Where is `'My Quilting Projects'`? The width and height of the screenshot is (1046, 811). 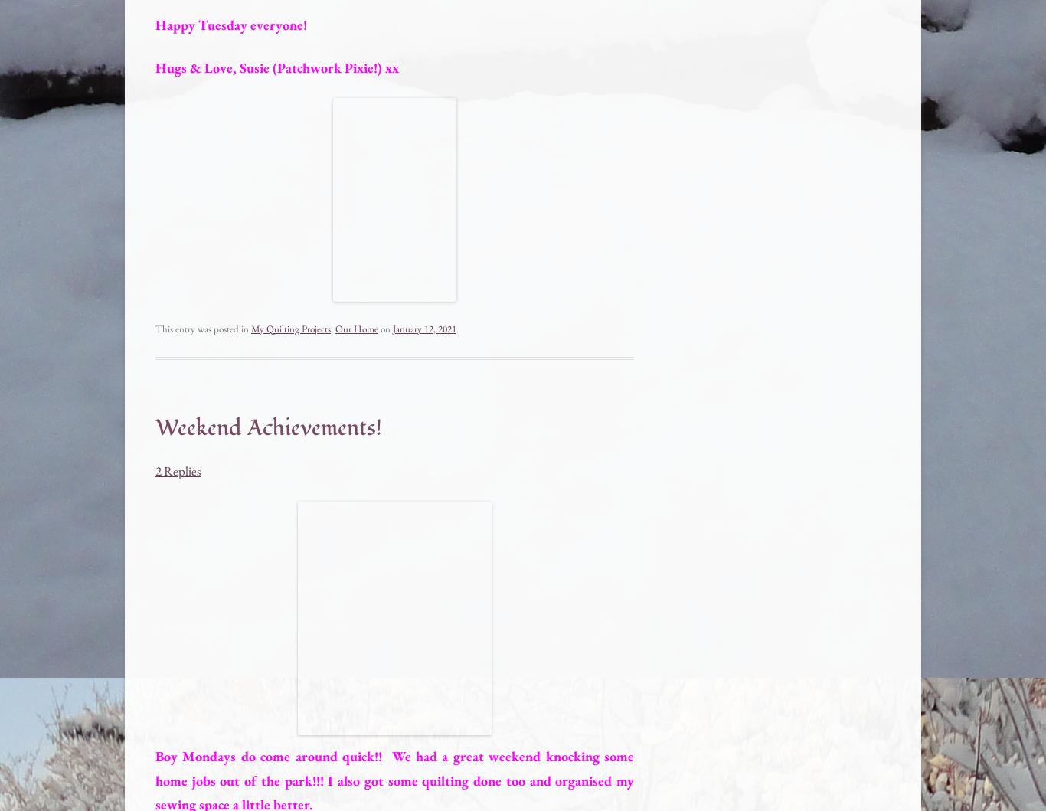 'My Quilting Projects' is located at coordinates (290, 328).